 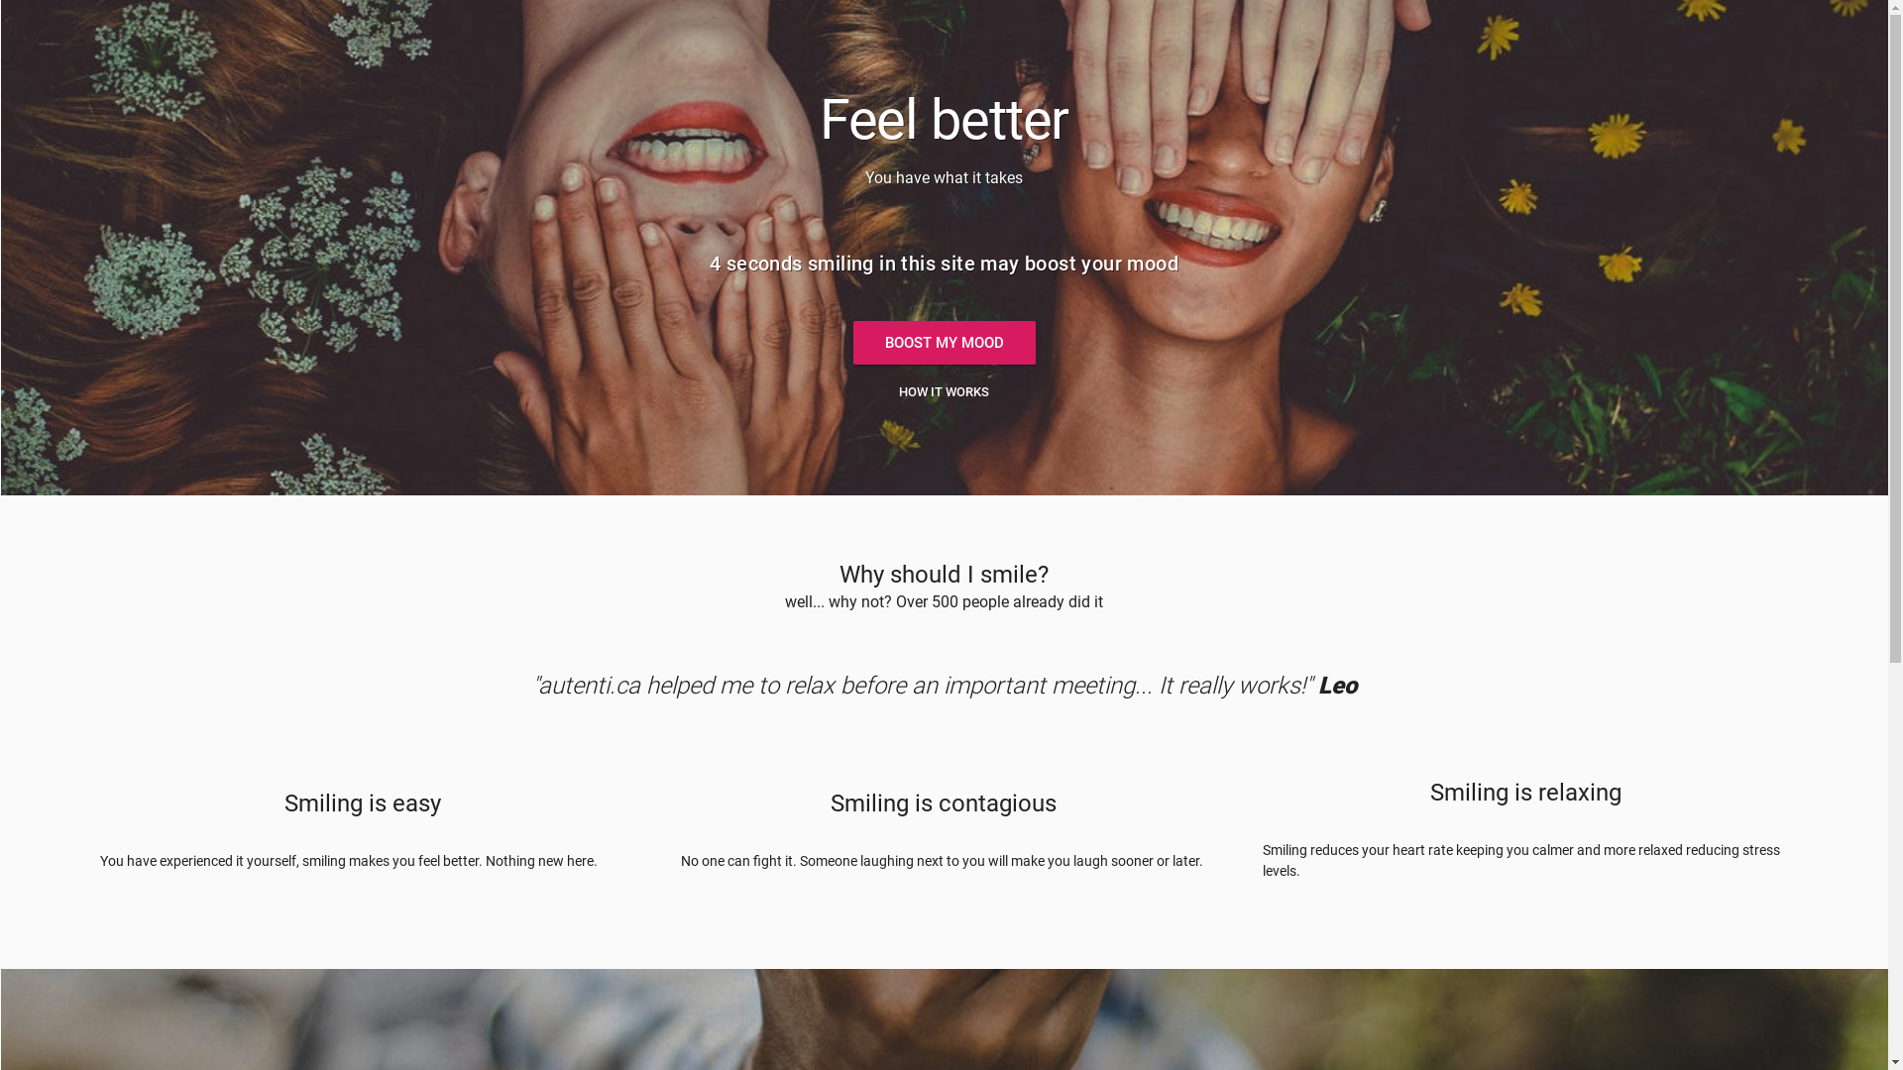 What do you see at coordinates (943, 392) in the screenshot?
I see `'HOW IT WORKS'` at bounding box center [943, 392].